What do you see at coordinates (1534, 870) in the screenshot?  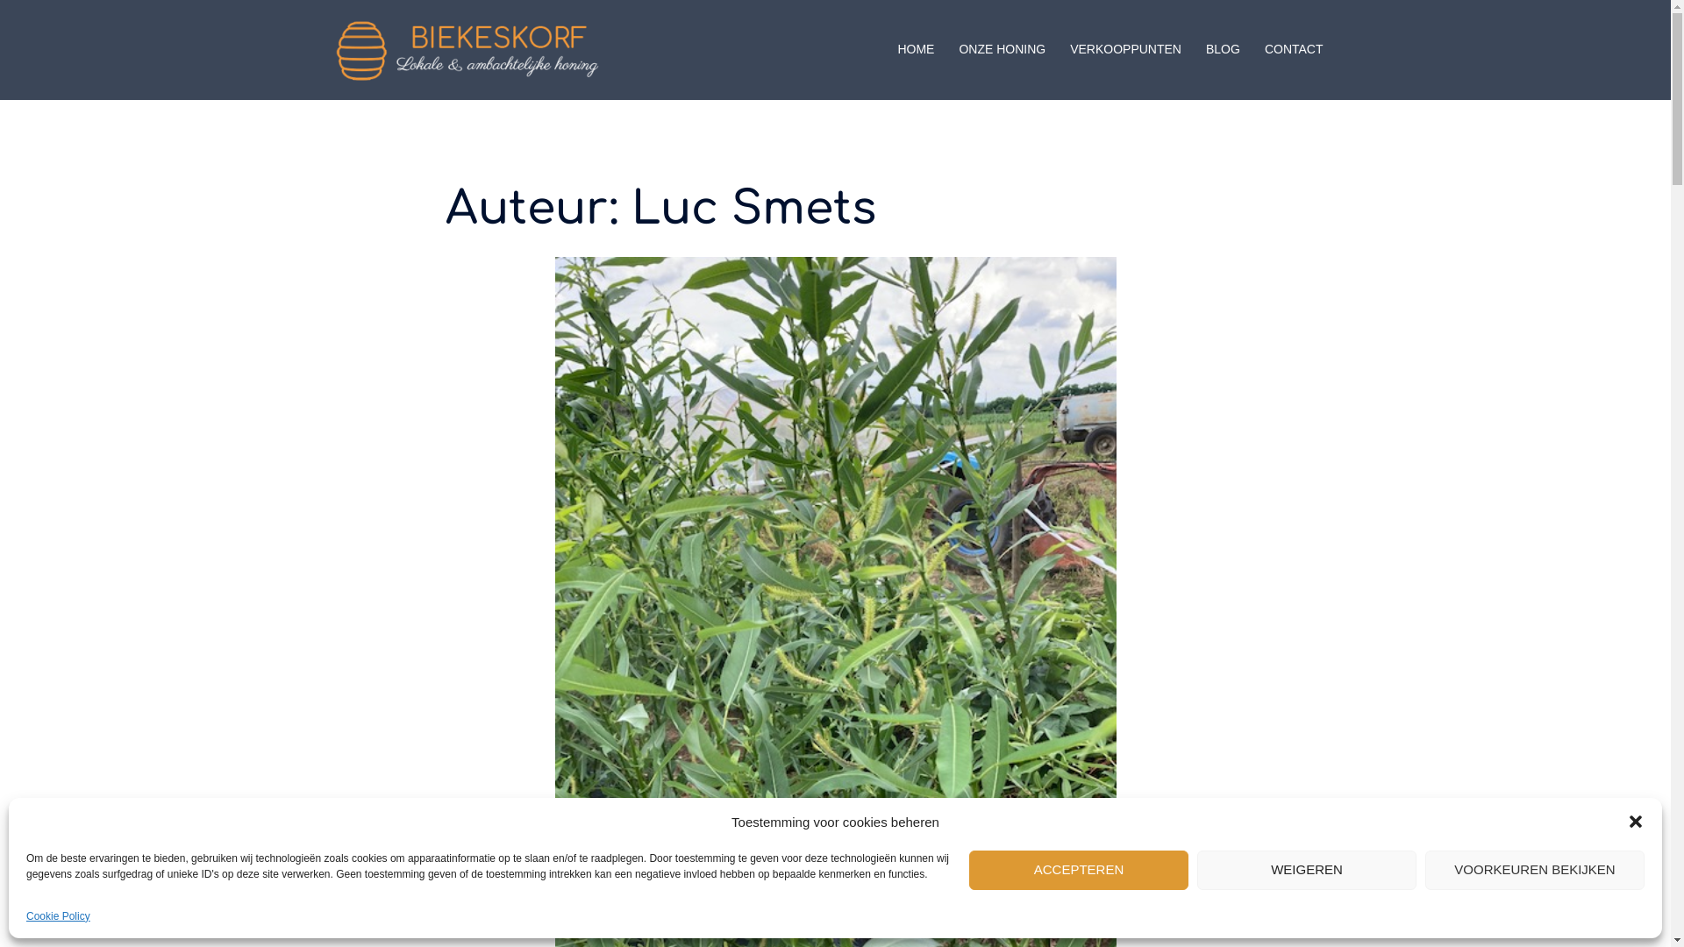 I see `'VOORKEUREN BEKIJKEN'` at bounding box center [1534, 870].